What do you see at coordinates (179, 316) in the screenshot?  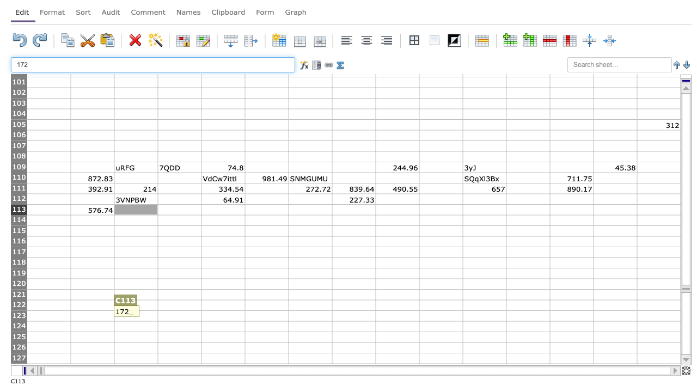 I see `Cell at position D123` at bounding box center [179, 316].